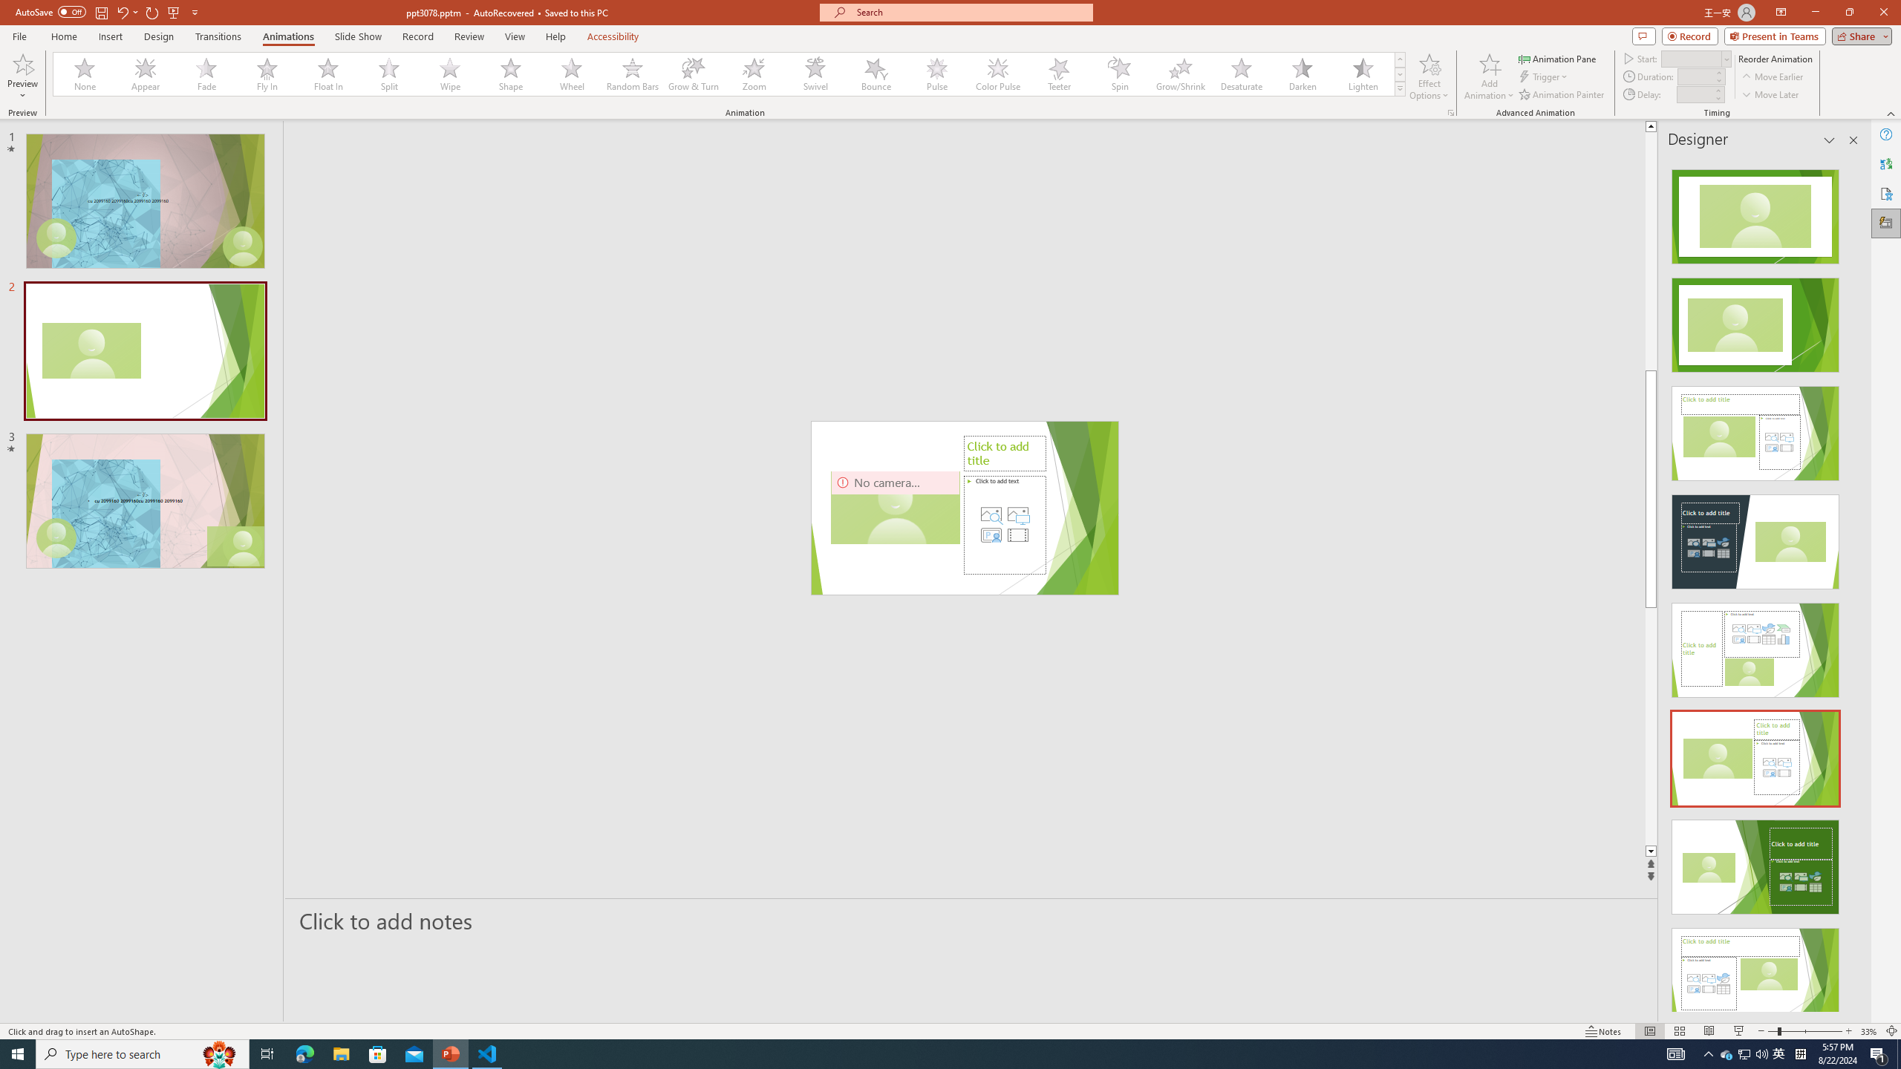 The image size is (1901, 1069). What do you see at coordinates (815, 73) in the screenshot?
I see `'Swivel'` at bounding box center [815, 73].